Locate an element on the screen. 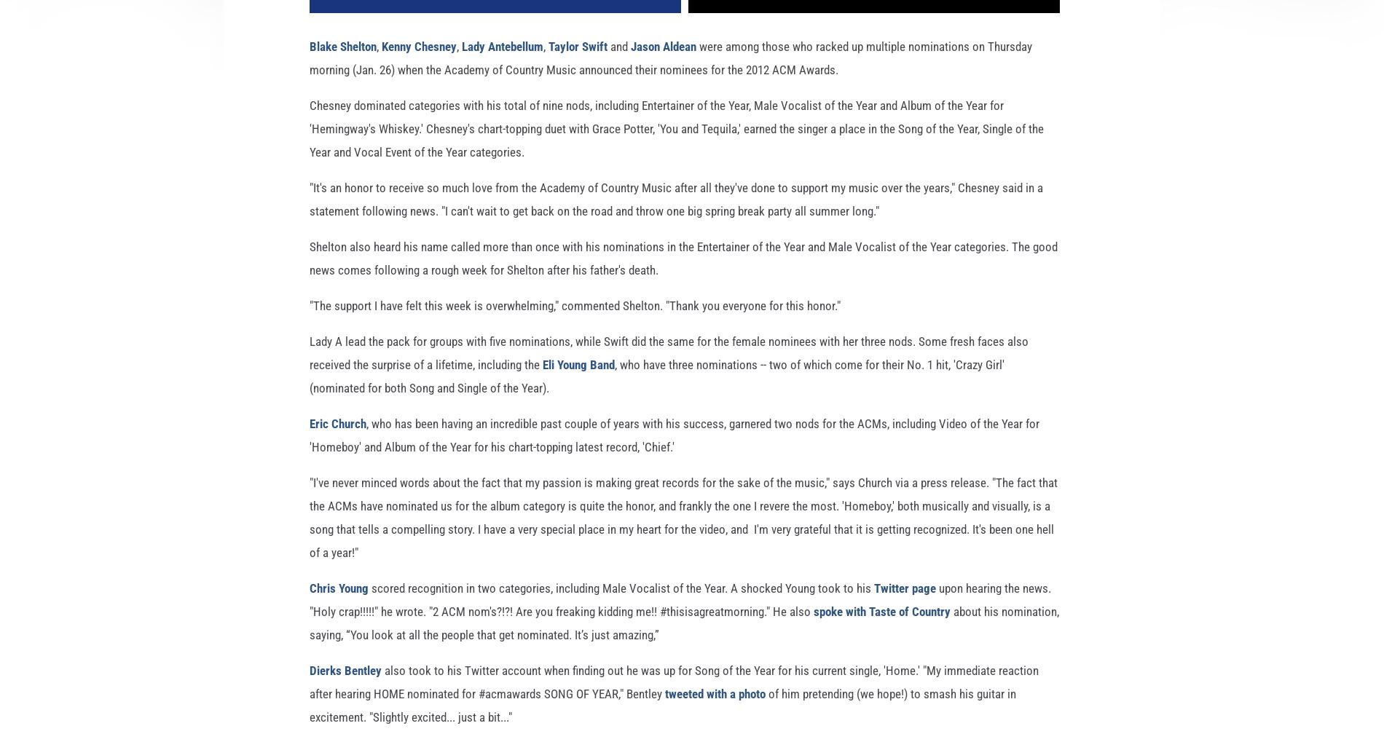 The height and width of the screenshot is (742, 1384). 'spoke with Taste of Country' is located at coordinates (881, 634).